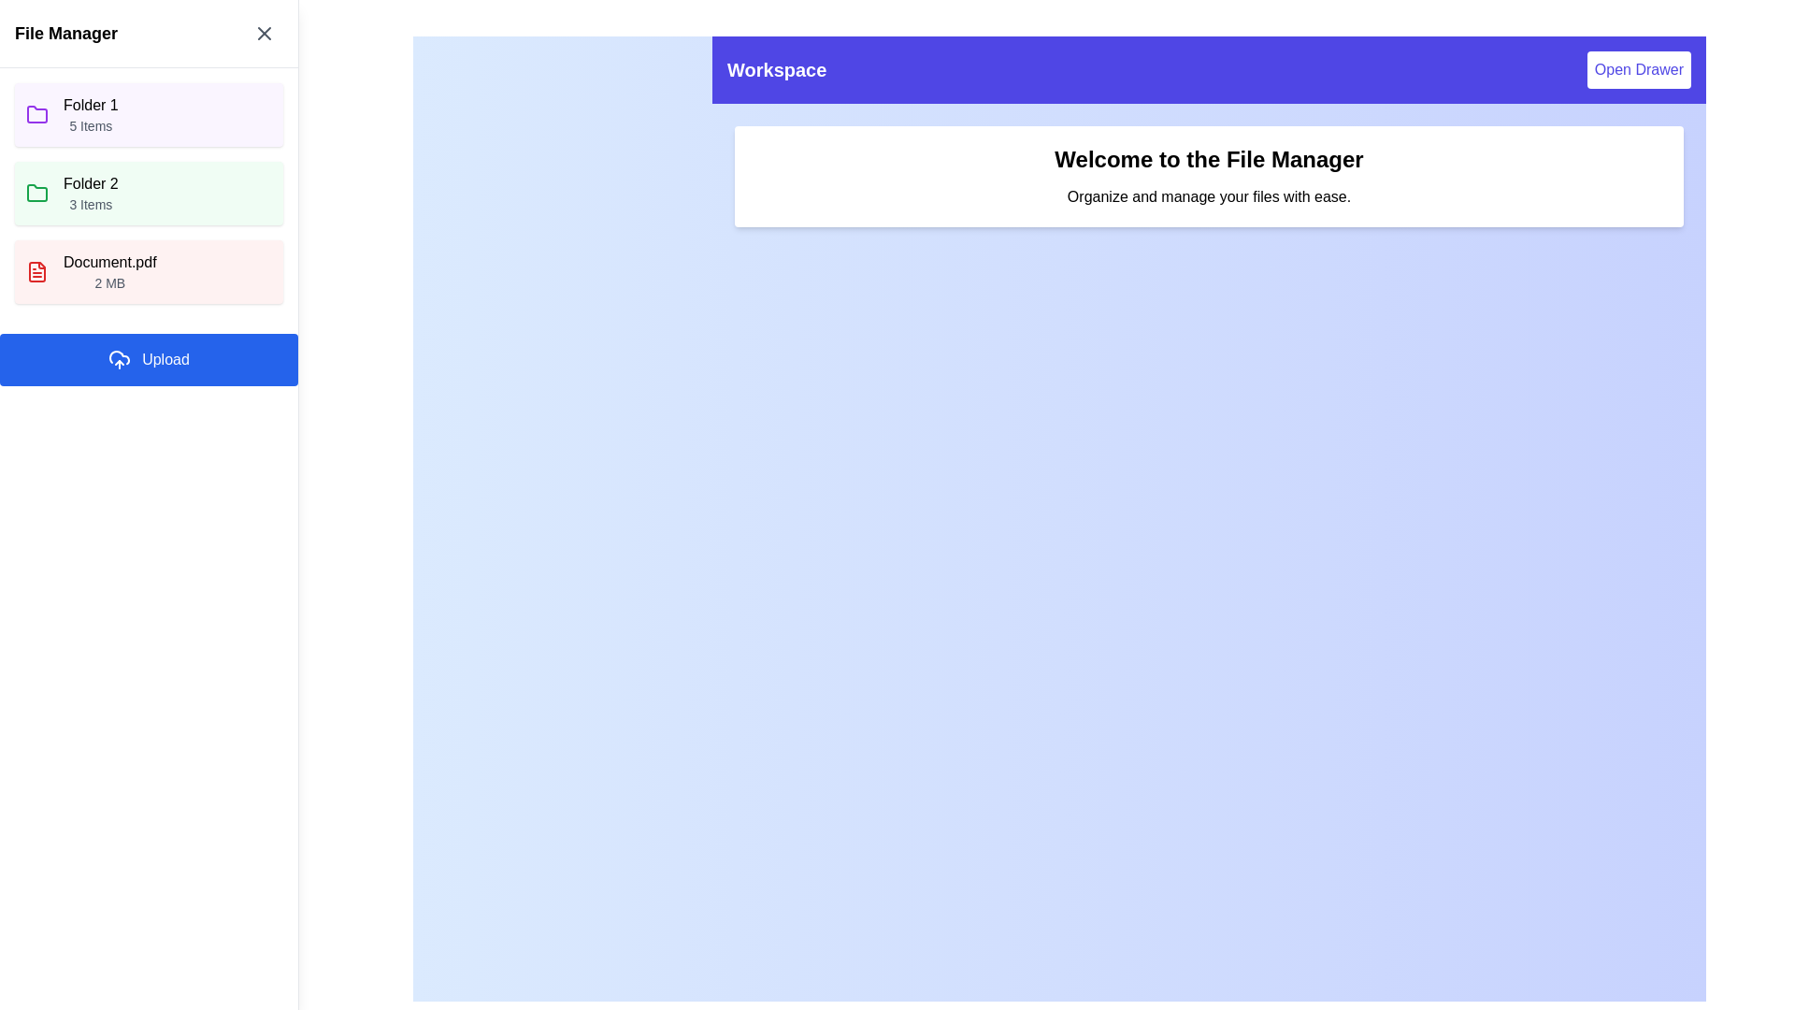 The height and width of the screenshot is (1010, 1795). Describe the element at coordinates (36, 193) in the screenshot. I see `the icon that visually identifies the 'Folder 2' item in the sidebar, located in the middle-left of the highlighted item box before the text 'Folder 2'` at that location.